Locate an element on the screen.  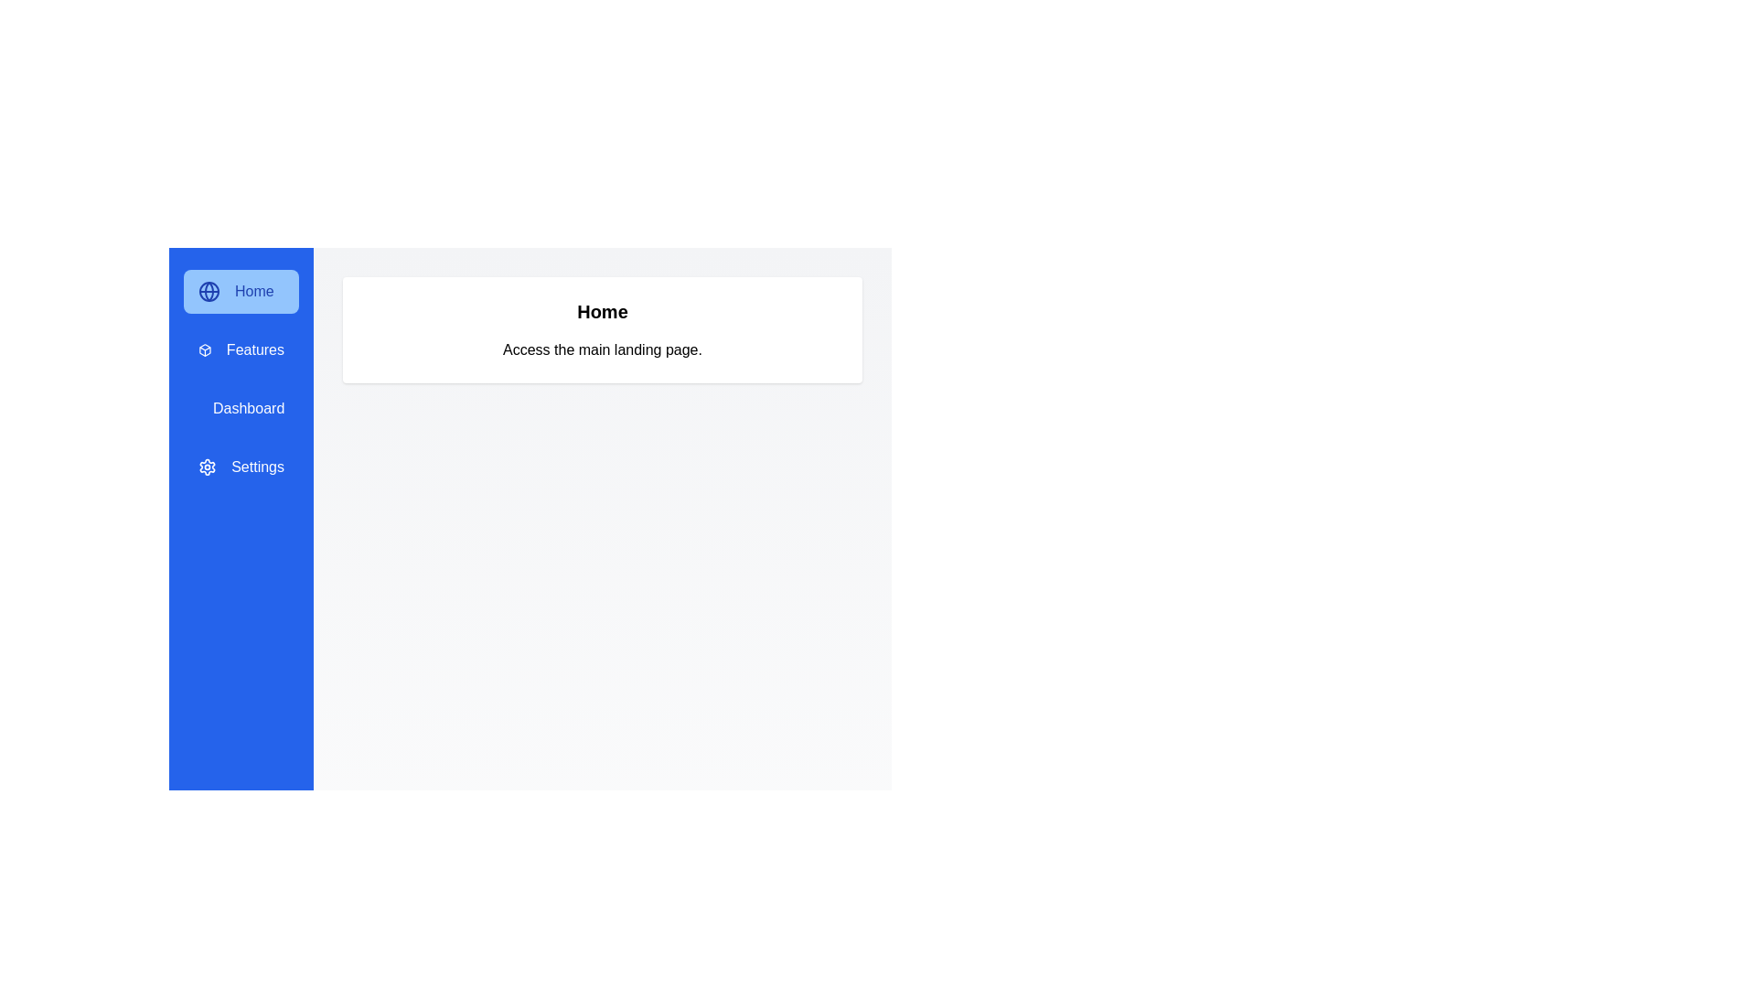
the menu option Features to display its corresponding content is located at coordinates (241, 349).